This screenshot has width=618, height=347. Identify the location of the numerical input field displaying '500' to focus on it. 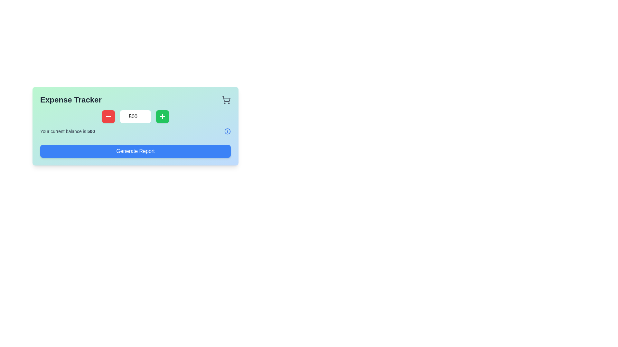
(135, 116).